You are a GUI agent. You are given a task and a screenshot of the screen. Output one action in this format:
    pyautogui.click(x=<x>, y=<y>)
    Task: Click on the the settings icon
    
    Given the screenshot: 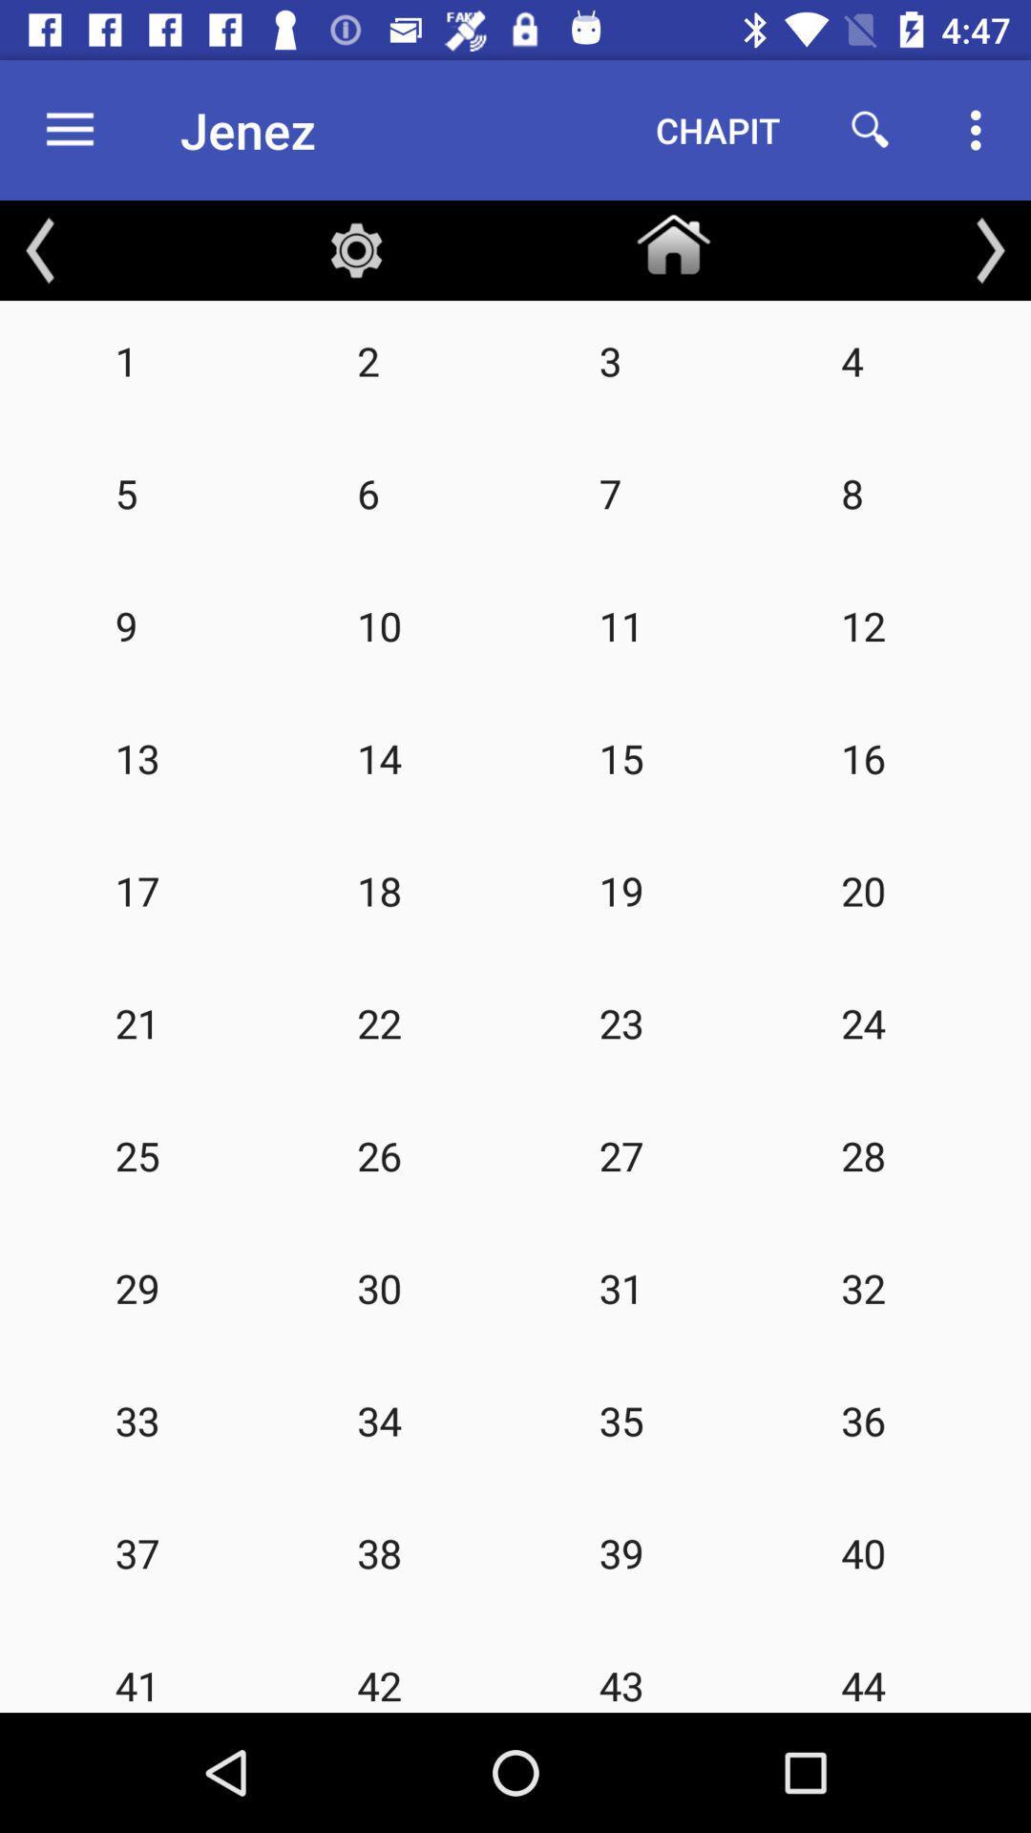 What is the action you would take?
    pyautogui.click(x=356, y=249)
    